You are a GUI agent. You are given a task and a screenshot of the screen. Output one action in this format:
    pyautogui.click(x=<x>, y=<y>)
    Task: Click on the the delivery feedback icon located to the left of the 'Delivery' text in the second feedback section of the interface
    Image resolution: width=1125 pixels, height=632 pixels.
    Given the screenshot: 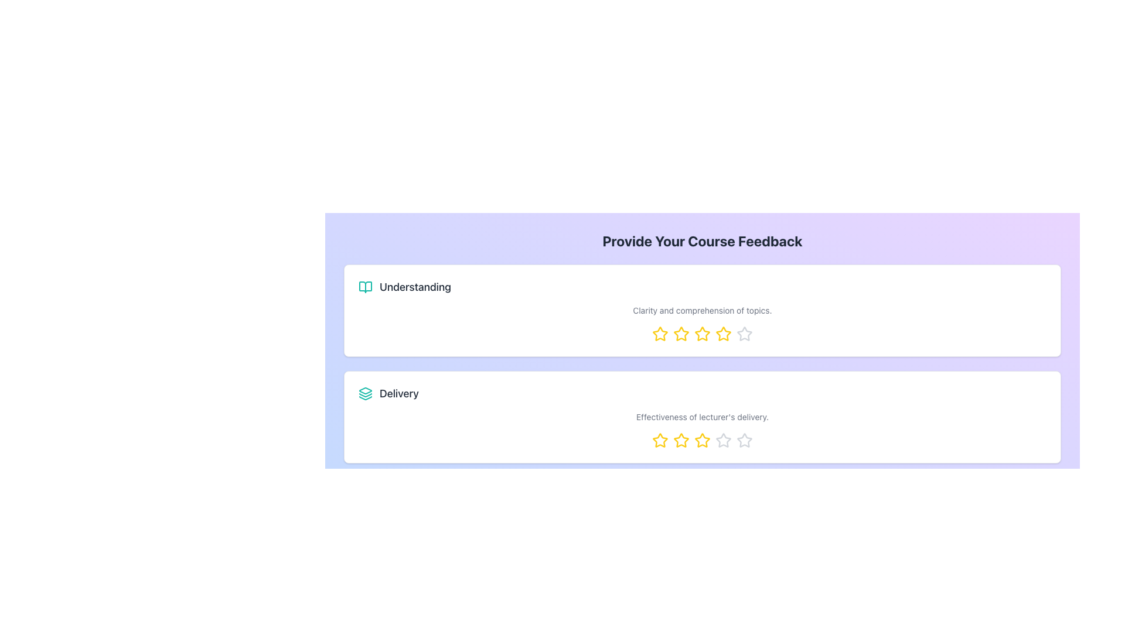 What is the action you would take?
    pyautogui.click(x=365, y=393)
    